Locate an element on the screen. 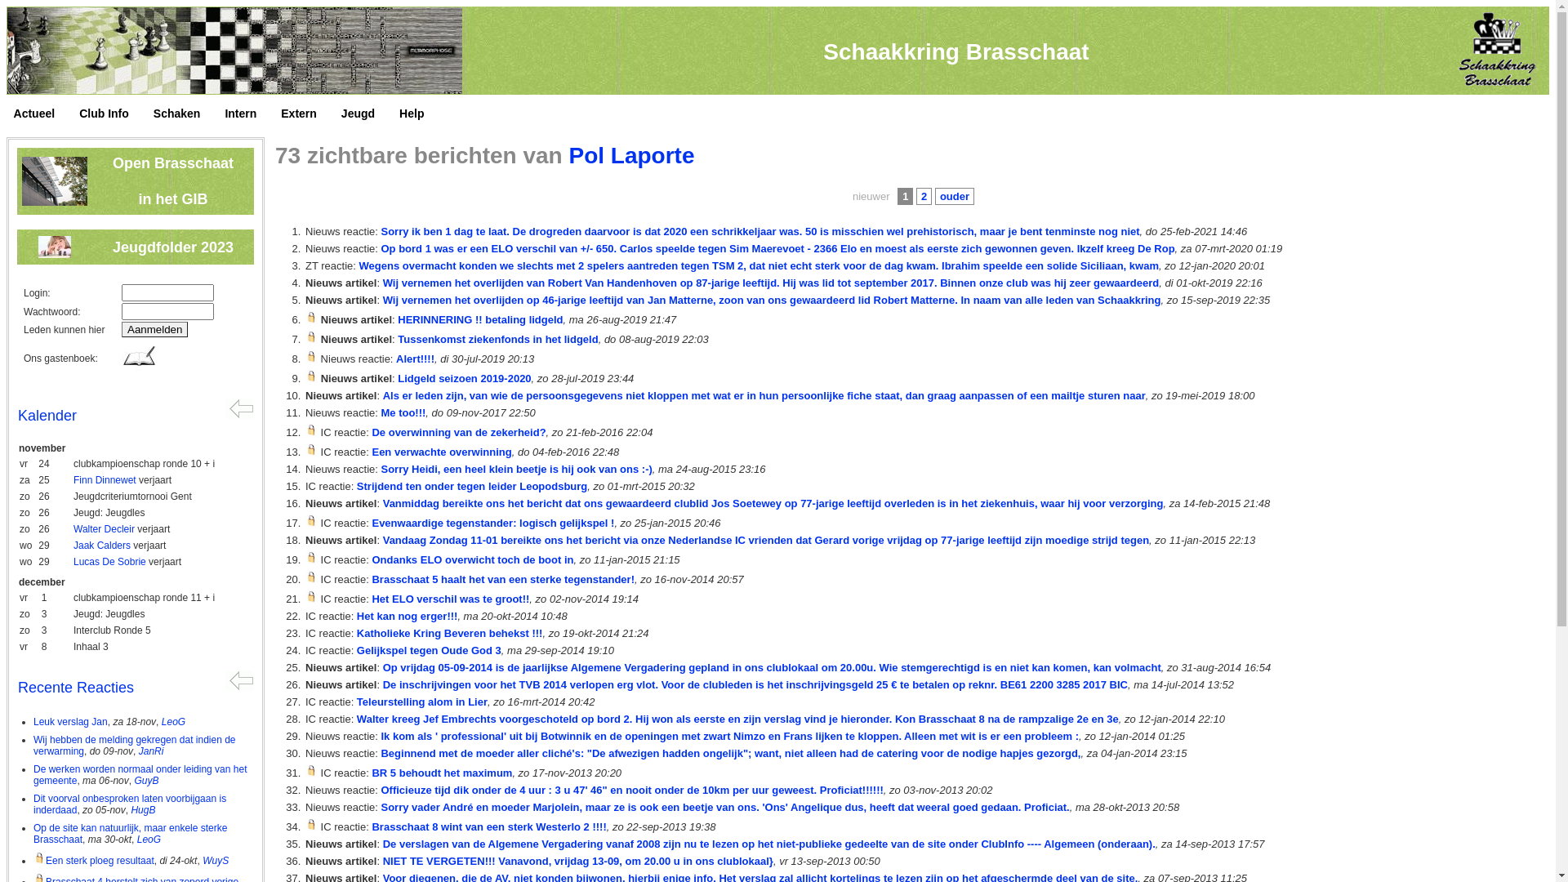 This screenshot has height=882, width=1568. 'HERINNERING !! betaling lidgeld' is located at coordinates (479, 319).